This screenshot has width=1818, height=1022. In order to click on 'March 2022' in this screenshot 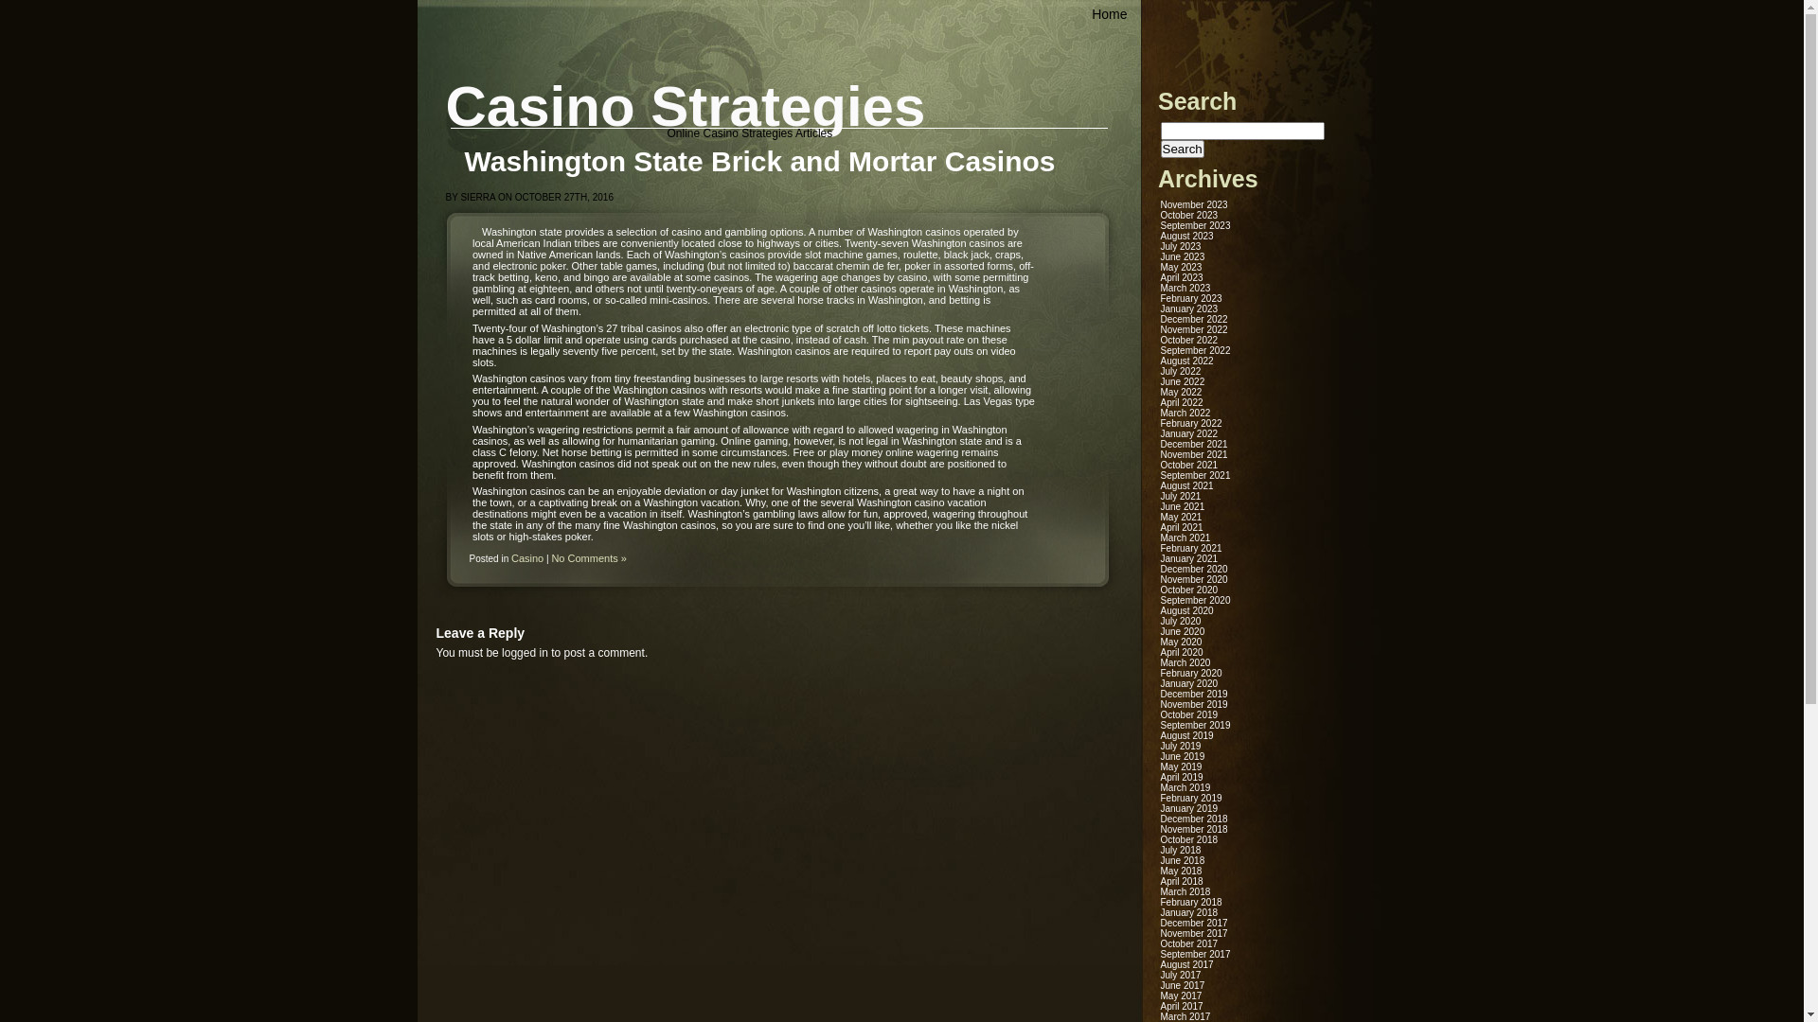, I will do `click(1185, 412)`.